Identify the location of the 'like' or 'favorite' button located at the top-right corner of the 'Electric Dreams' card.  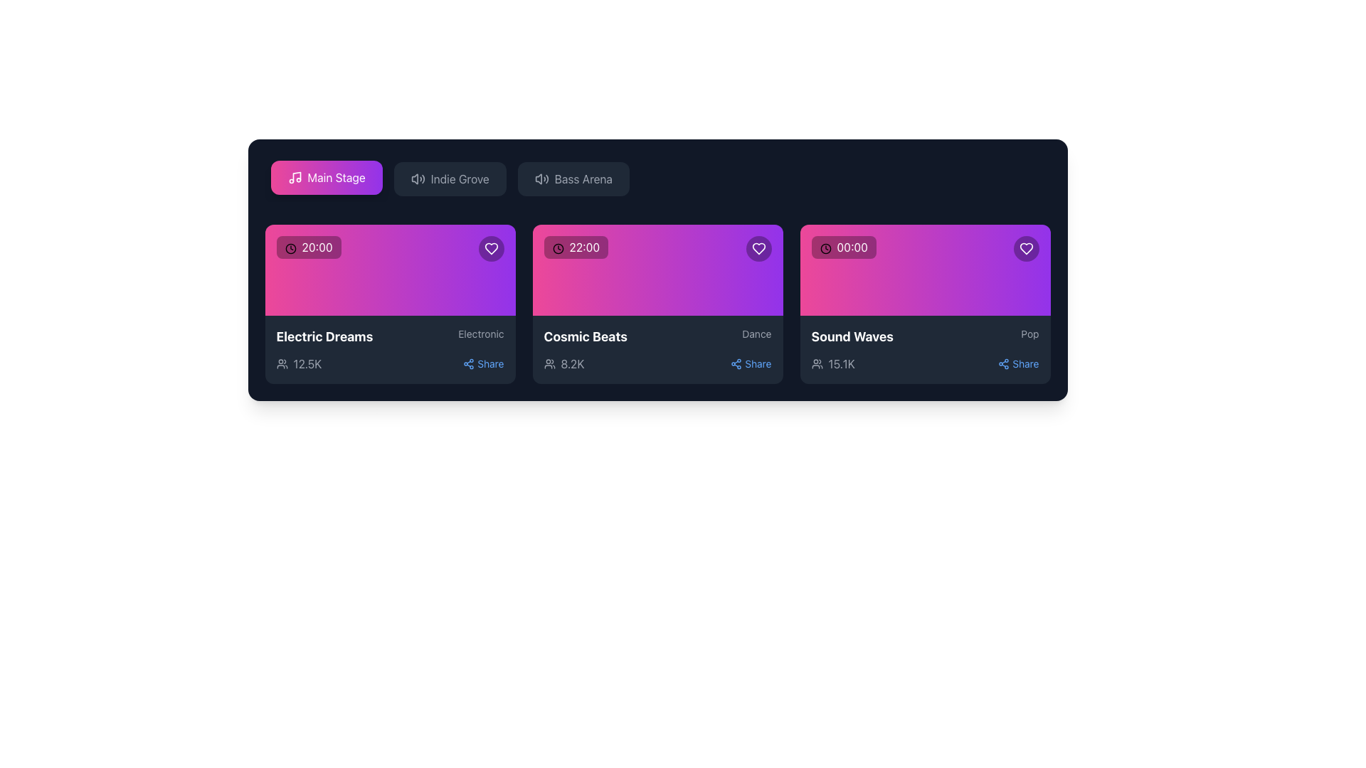
(491, 248).